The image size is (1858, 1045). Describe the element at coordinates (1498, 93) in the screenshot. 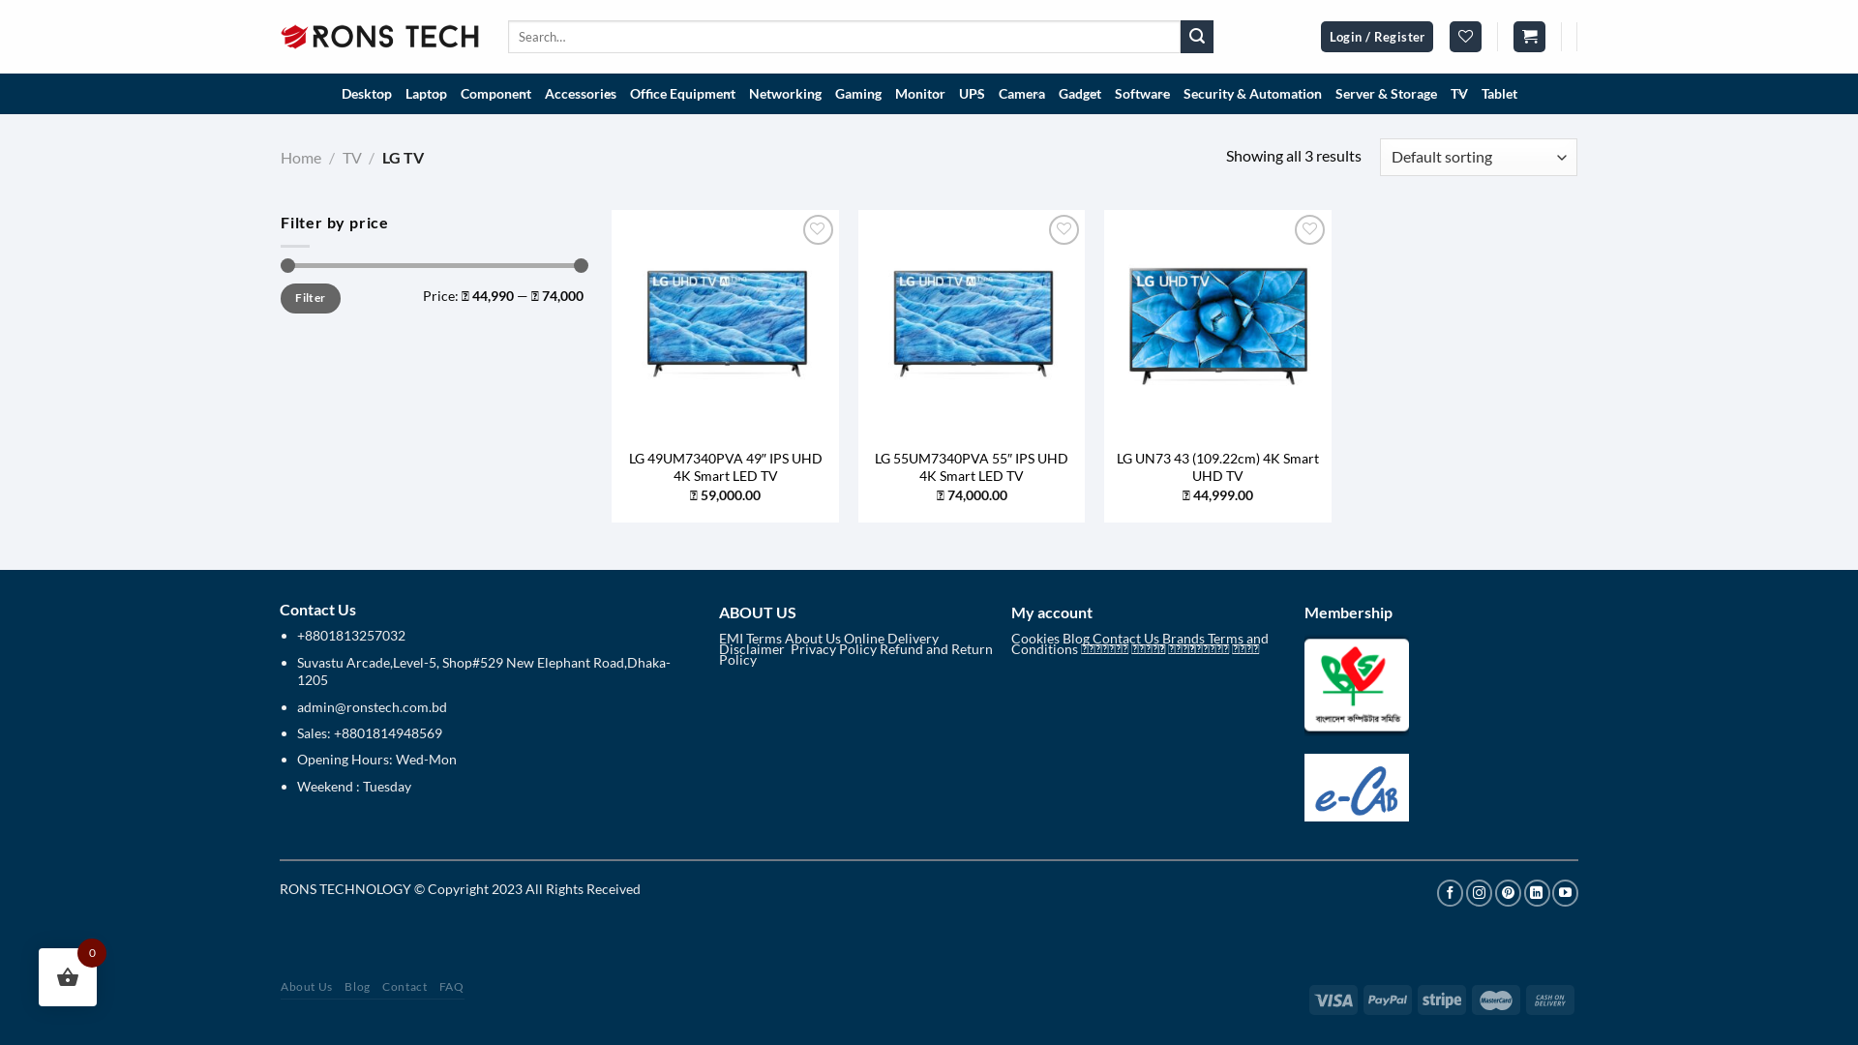

I see `'Tablet'` at that location.